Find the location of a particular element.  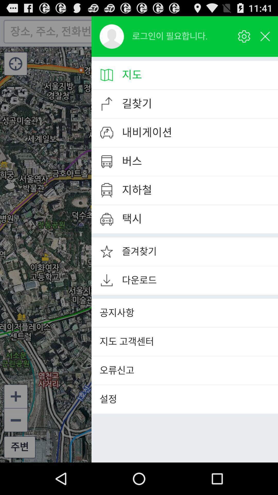

the zoom_out icon is located at coordinates (15, 449).